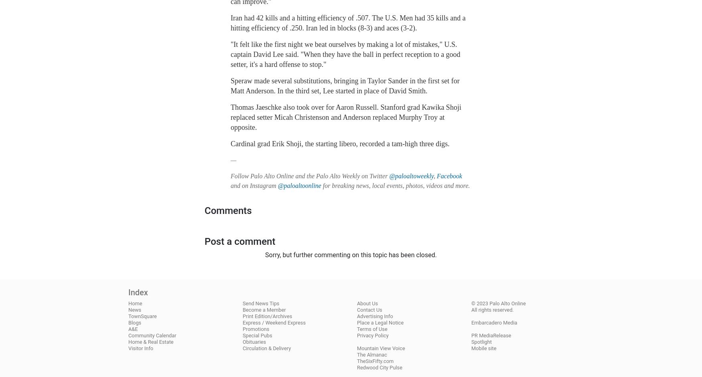 Image resolution: width=702 pixels, height=377 pixels. I want to click on 'All rights reserved.', so click(471, 309).